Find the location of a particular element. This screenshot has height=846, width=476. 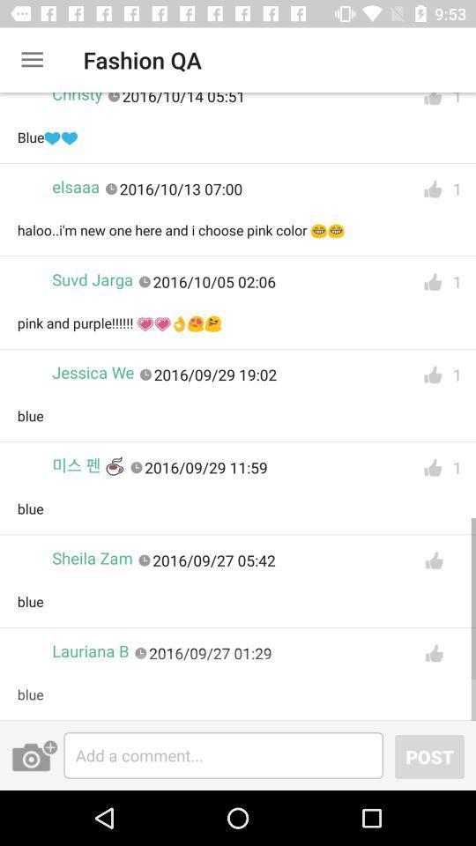

write a comment is located at coordinates (223, 754).